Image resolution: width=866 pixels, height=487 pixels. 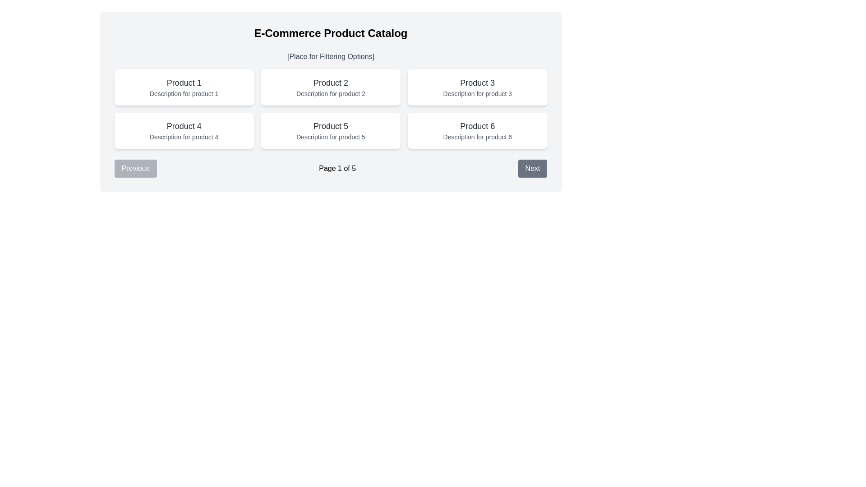 I want to click on the descriptive text label providing additional information about 'Product 4', located beneath the 'Product 4' title in the product card, so click(x=184, y=137).